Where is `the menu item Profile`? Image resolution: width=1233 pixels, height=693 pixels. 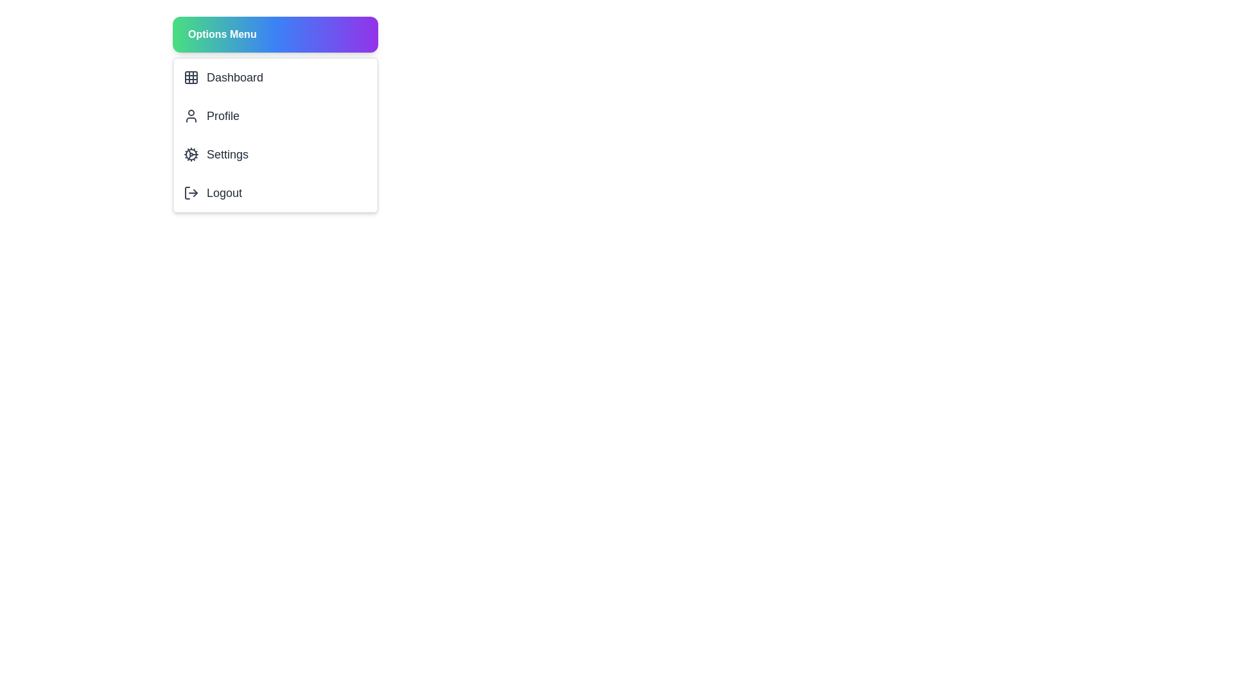
the menu item Profile is located at coordinates (274, 116).